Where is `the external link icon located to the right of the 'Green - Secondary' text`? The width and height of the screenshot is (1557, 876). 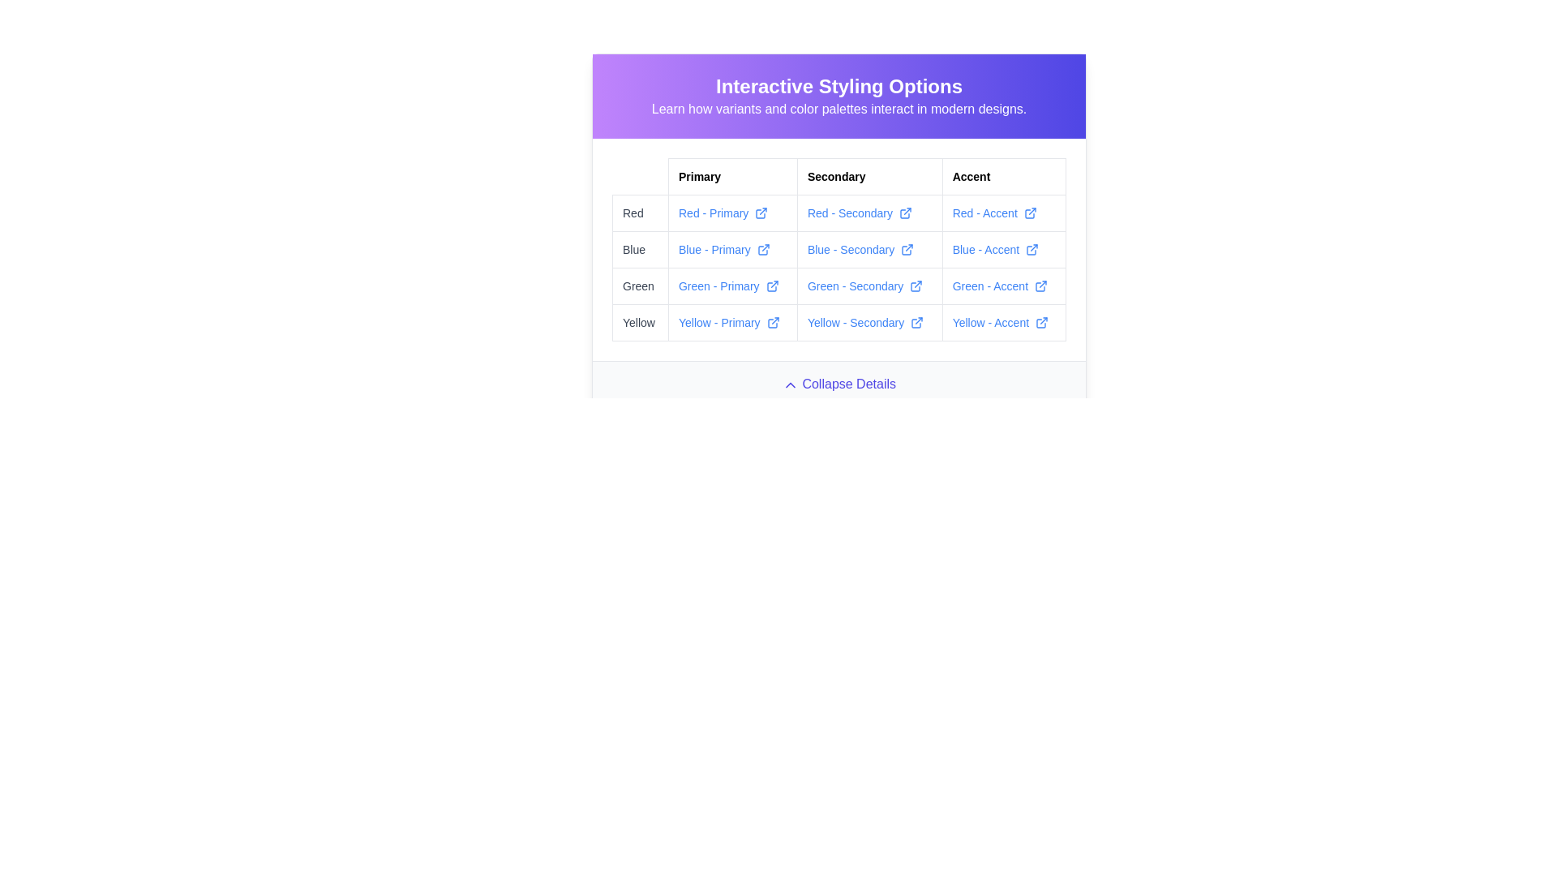 the external link icon located to the right of the 'Green - Secondary' text is located at coordinates (916, 286).